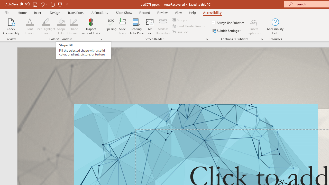  What do you see at coordinates (207, 39) in the screenshot?
I see `'Screen Reader'` at bounding box center [207, 39].